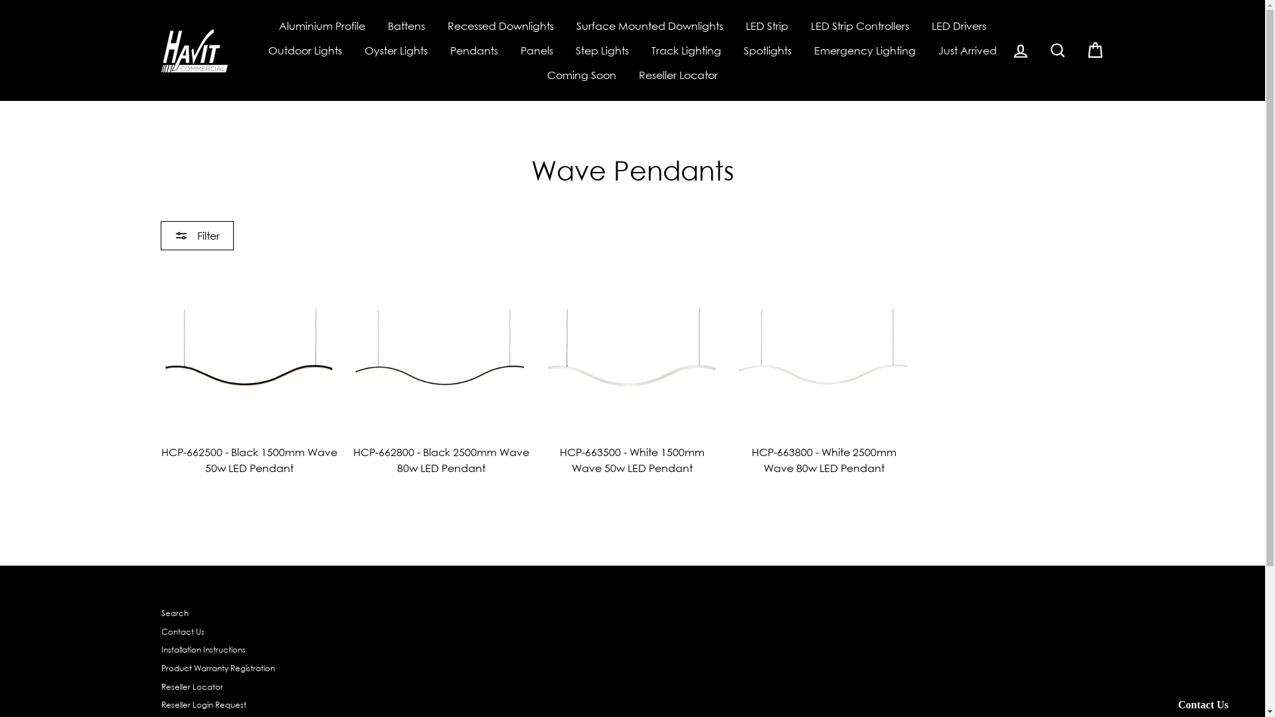 The height and width of the screenshot is (717, 1275). I want to click on 'Installation Instructions', so click(202, 649).